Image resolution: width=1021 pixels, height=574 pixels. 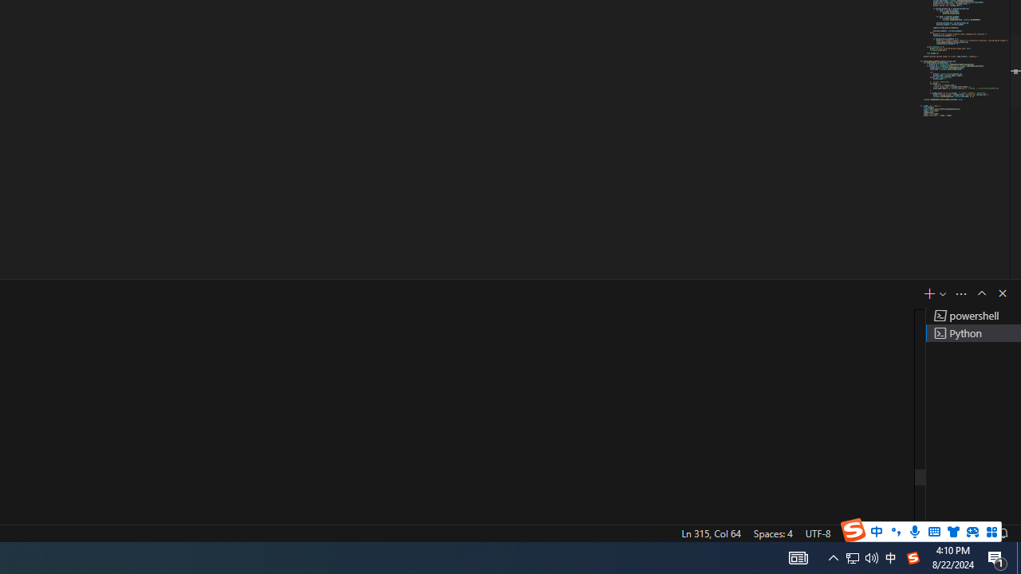 What do you see at coordinates (960, 293) in the screenshot?
I see `'Views and More Actions...'` at bounding box center [960, 293].